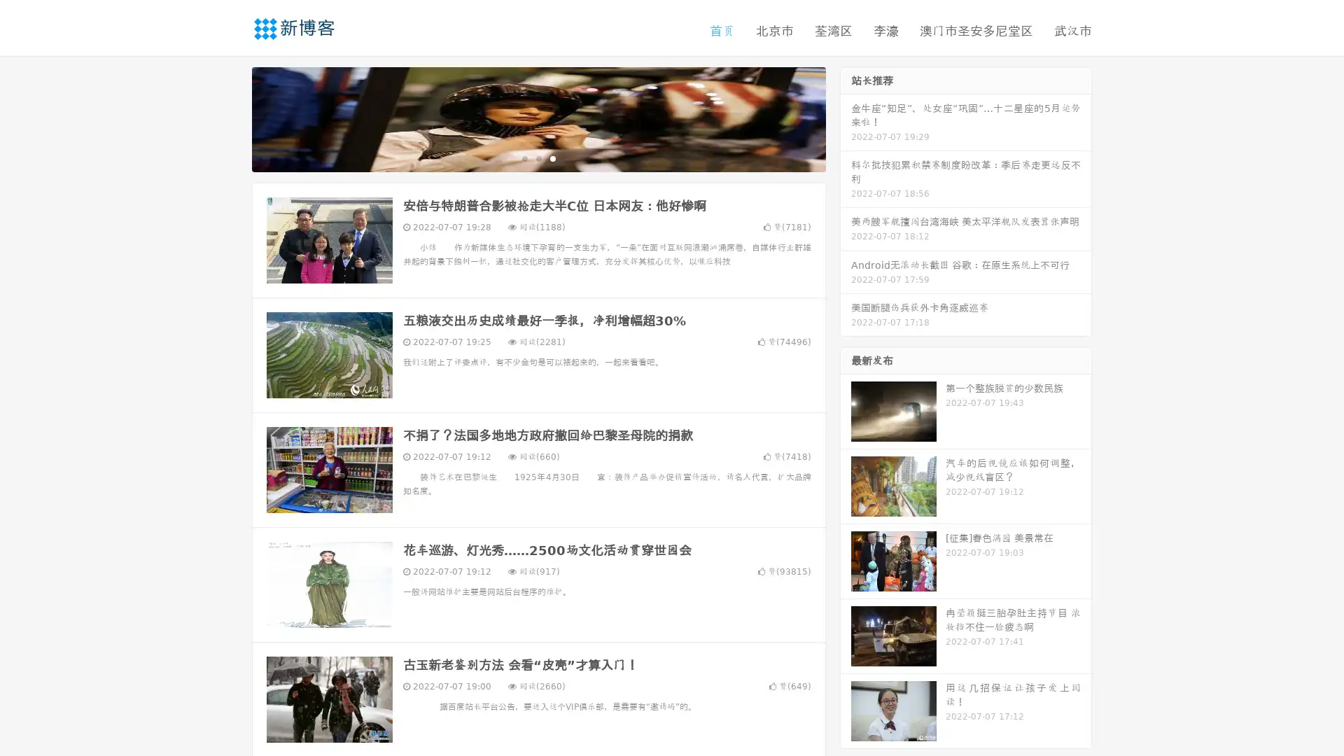 This screenshot has height=756, width=1344. What do you see at coordinates (524, 157) in the screenshot?
I see `Go to slide 1` at bounding box center [524, 157].